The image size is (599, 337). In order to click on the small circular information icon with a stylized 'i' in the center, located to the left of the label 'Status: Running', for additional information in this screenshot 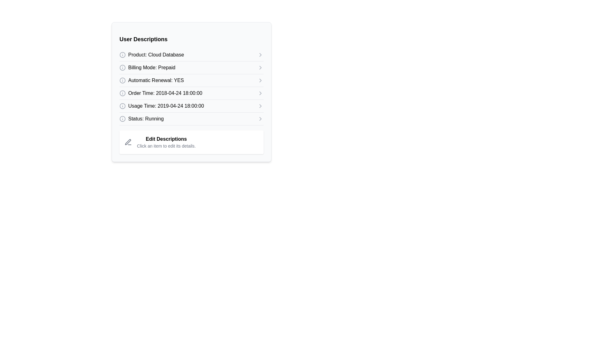, I will do `click(123, 119)`.